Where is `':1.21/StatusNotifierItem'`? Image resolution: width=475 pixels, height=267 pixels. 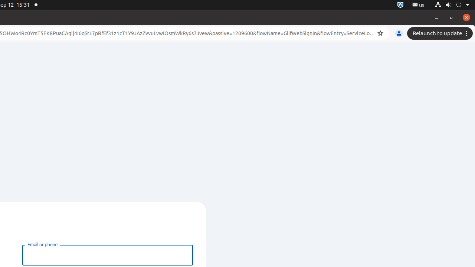
':1.21/StatusNotifierItem' is located at coordinates (418, 5).